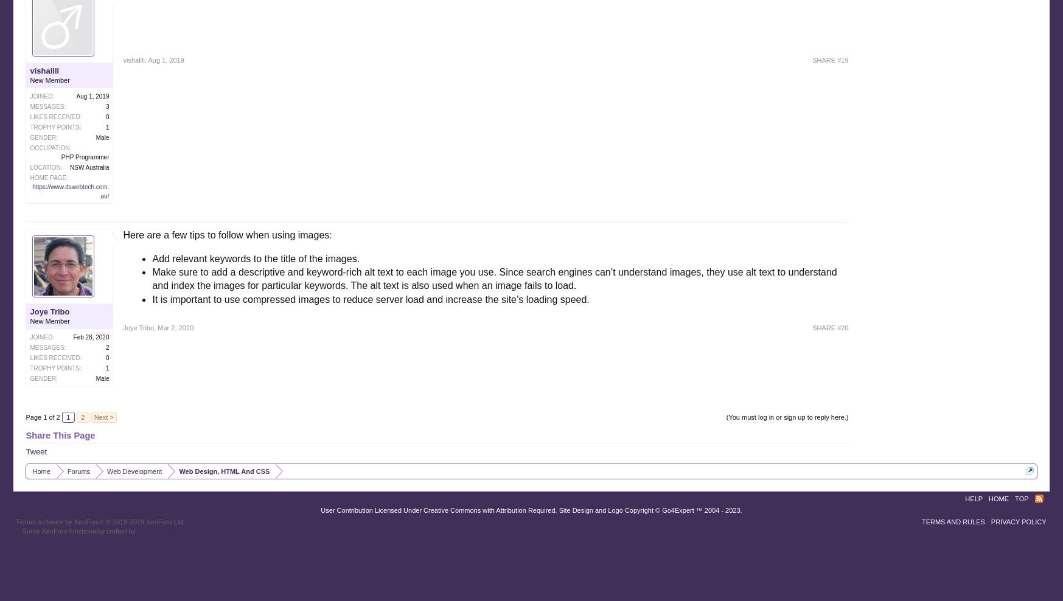 The height and width of the screenshot is (601, 1063). I want to click on 'Make sure to add a descriptive and keyword-rich alt text to each image you use. Since search engines can’t understand images, they use alt text to understand and index the images for particular keywords. The alt text is also used when an image fails to load.', so click(493, 279).